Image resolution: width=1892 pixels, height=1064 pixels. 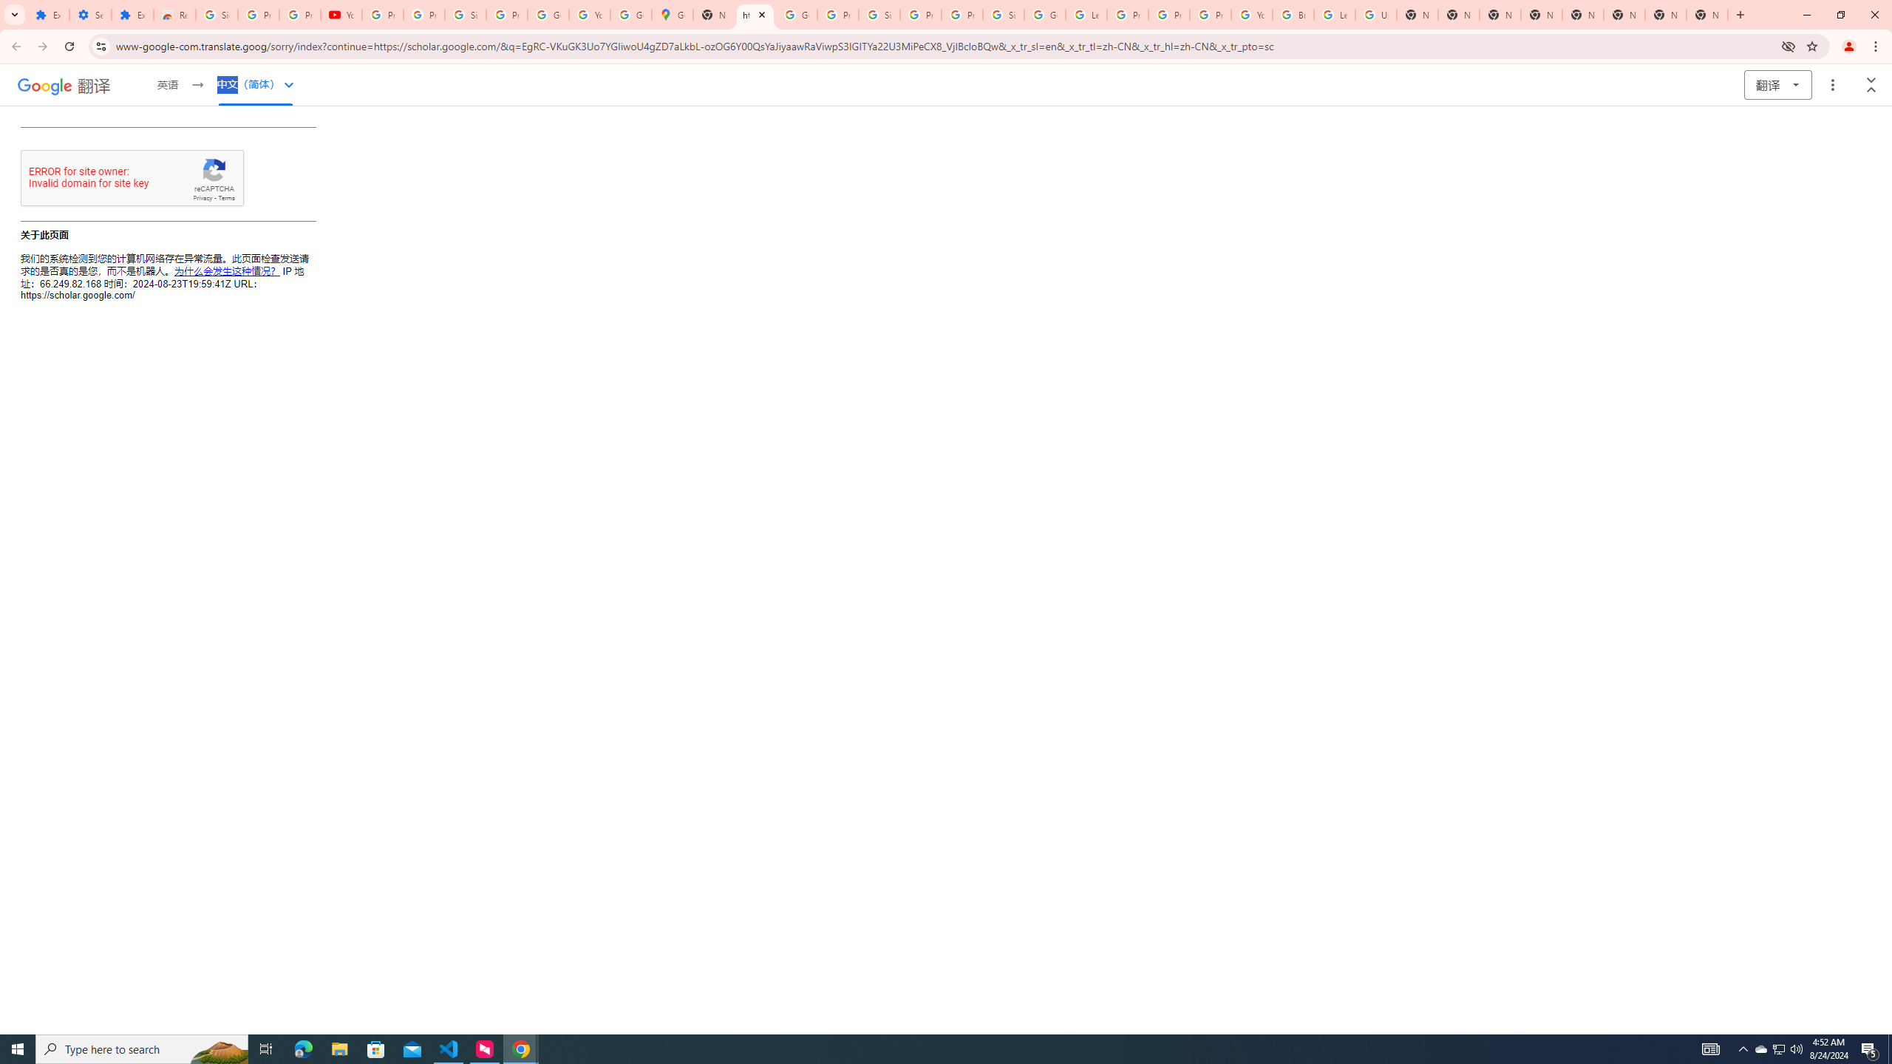 I want to click on 'Extensions', so click(x=132, y=14).